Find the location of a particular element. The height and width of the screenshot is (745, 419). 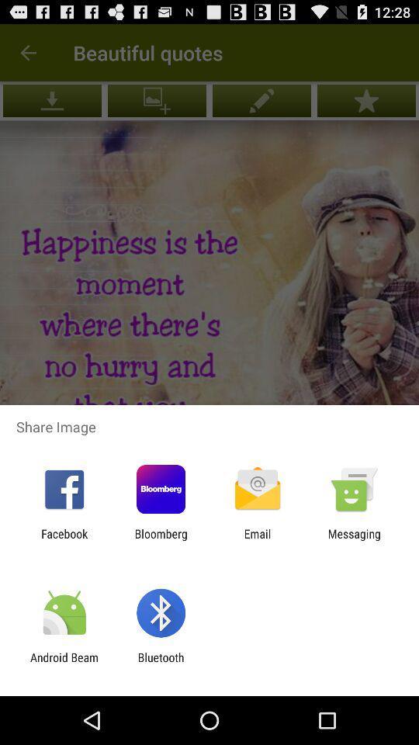

facebook icon is located at coordinates (64, 540).